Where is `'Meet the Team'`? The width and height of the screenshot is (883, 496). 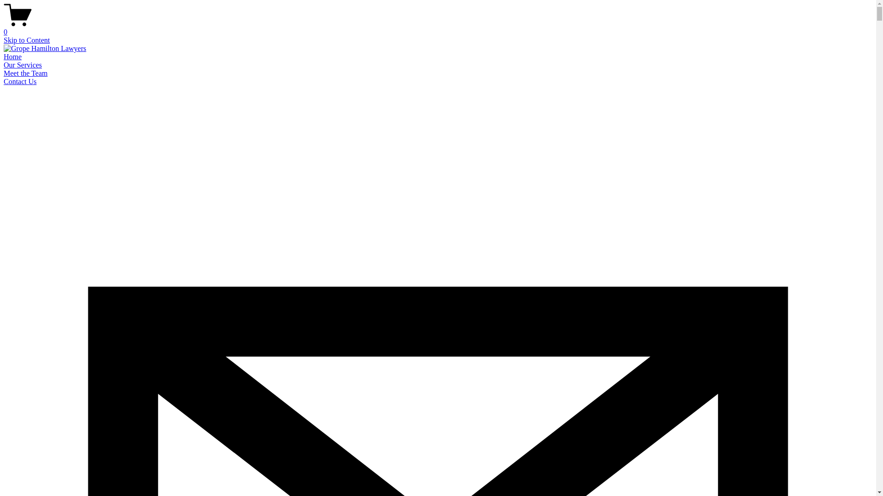
'Meet the Team' is located at coordinates (25, 73).